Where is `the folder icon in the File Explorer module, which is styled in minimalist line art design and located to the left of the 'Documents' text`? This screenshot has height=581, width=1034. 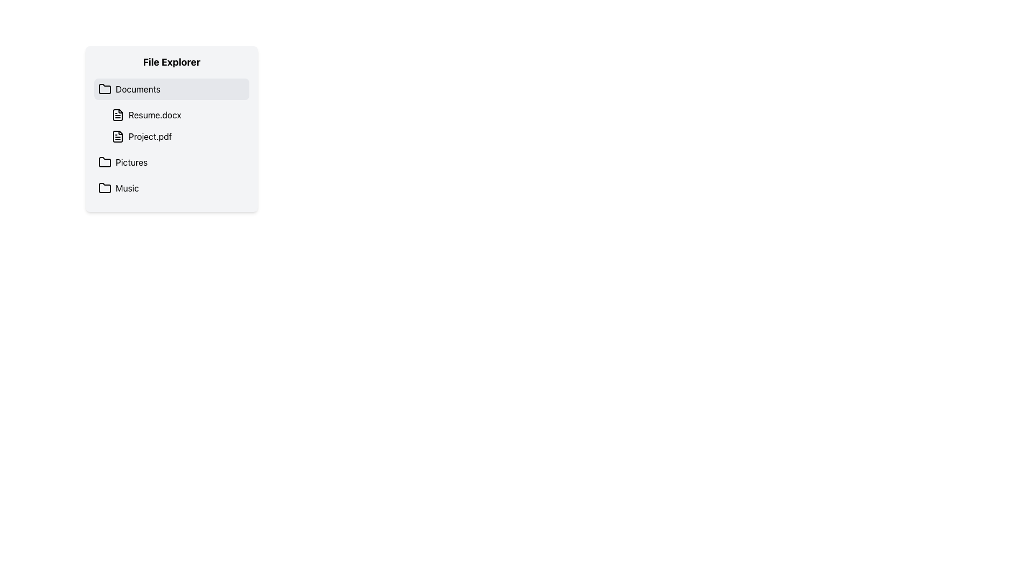
the folder icon in the File Explorer module, which is styled in minimalist line art design and located to the left of the 'Documents' text is located at coordinates (105, 88).